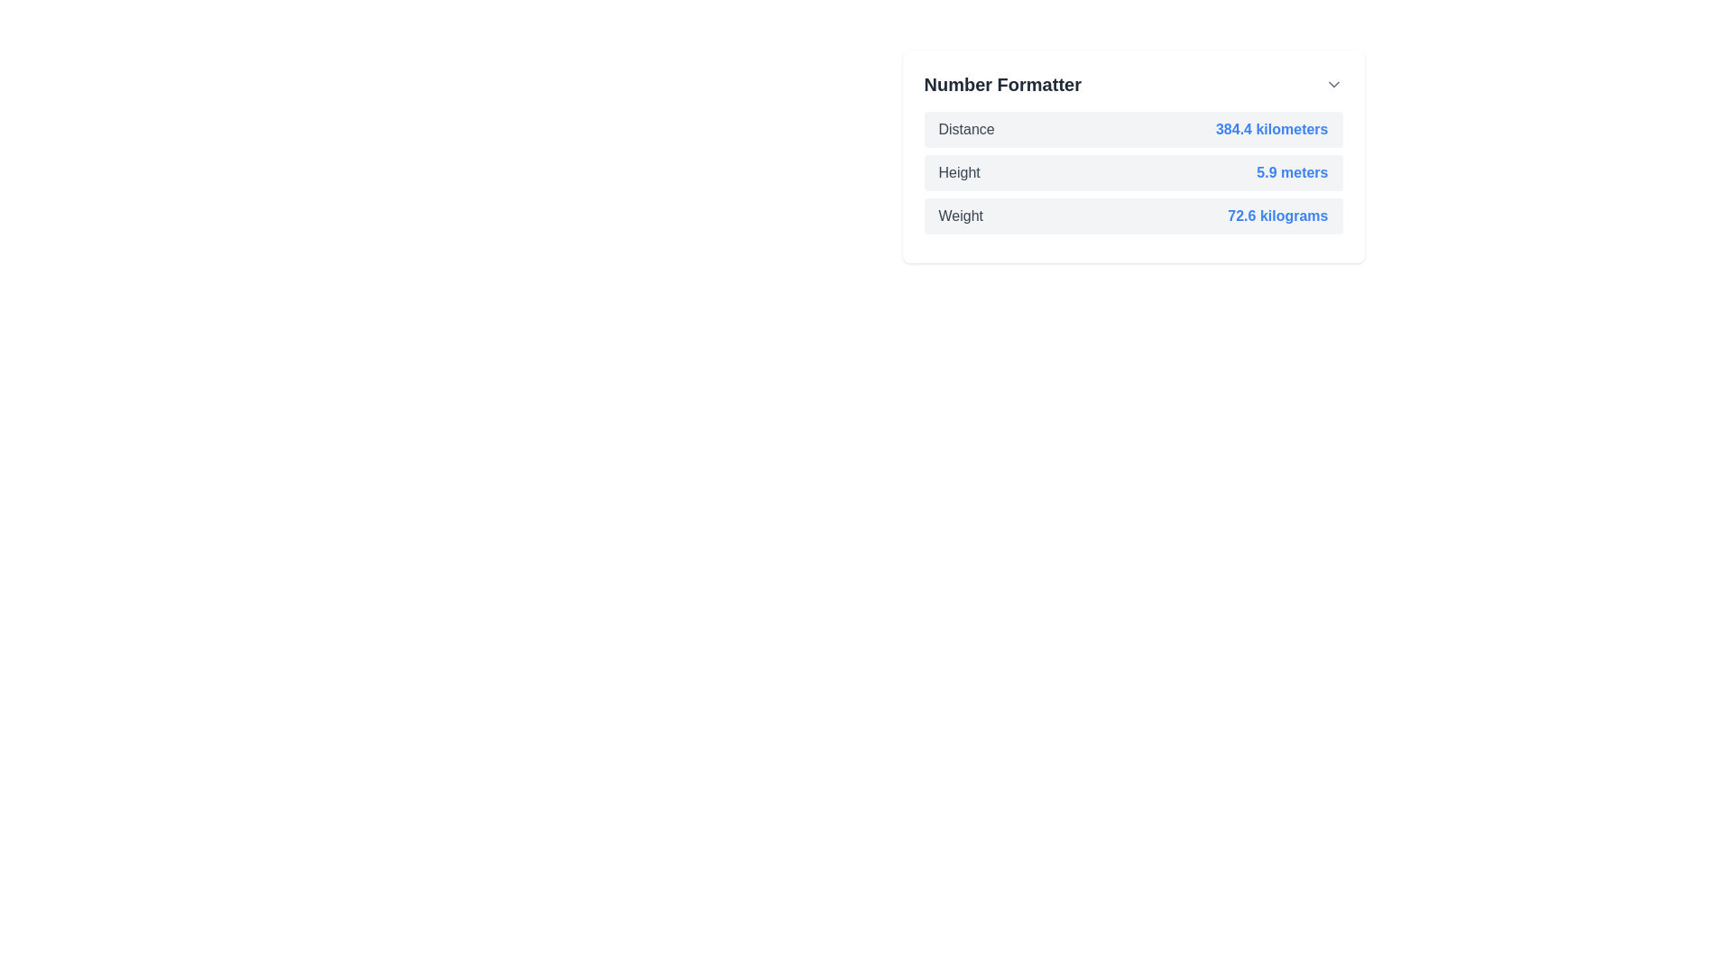 This screenshot has height=974, width=1732. What do you see at coordinates (1276, 215) in the screenshot?
I see `displayed content of the blue-colored text label showing '72.6 kilograms' that is bold and aligned to the right in the Weight data section` at bounding box center [1276, 215].